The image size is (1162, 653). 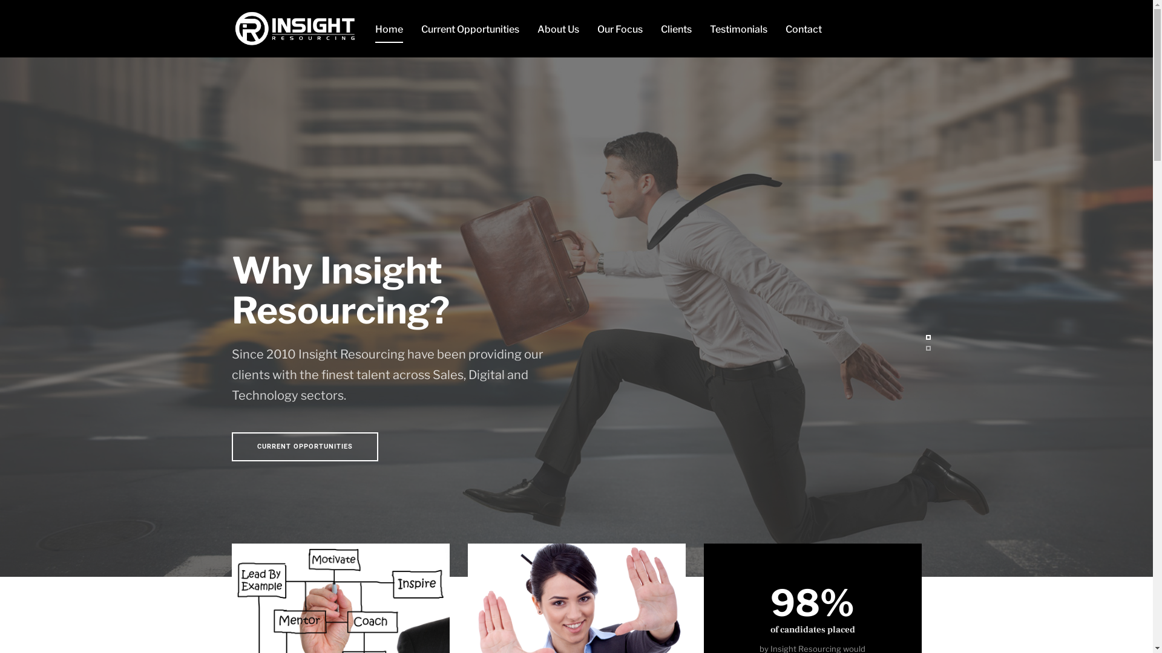 I want to click on 'Home', so click(x=389, y=28).